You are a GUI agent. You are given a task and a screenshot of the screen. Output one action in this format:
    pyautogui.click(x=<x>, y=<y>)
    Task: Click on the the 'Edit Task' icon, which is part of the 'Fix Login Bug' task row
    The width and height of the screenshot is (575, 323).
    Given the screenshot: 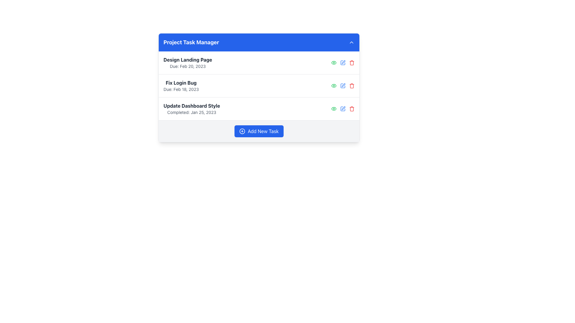 What is the action you would take?
    pyautogui.click(x=343, y=109)
    